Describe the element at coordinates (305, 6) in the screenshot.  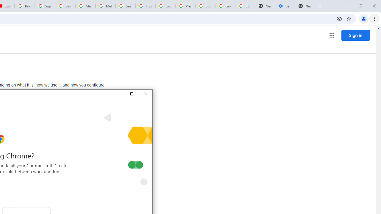
I see `'New Tab'` at that location.